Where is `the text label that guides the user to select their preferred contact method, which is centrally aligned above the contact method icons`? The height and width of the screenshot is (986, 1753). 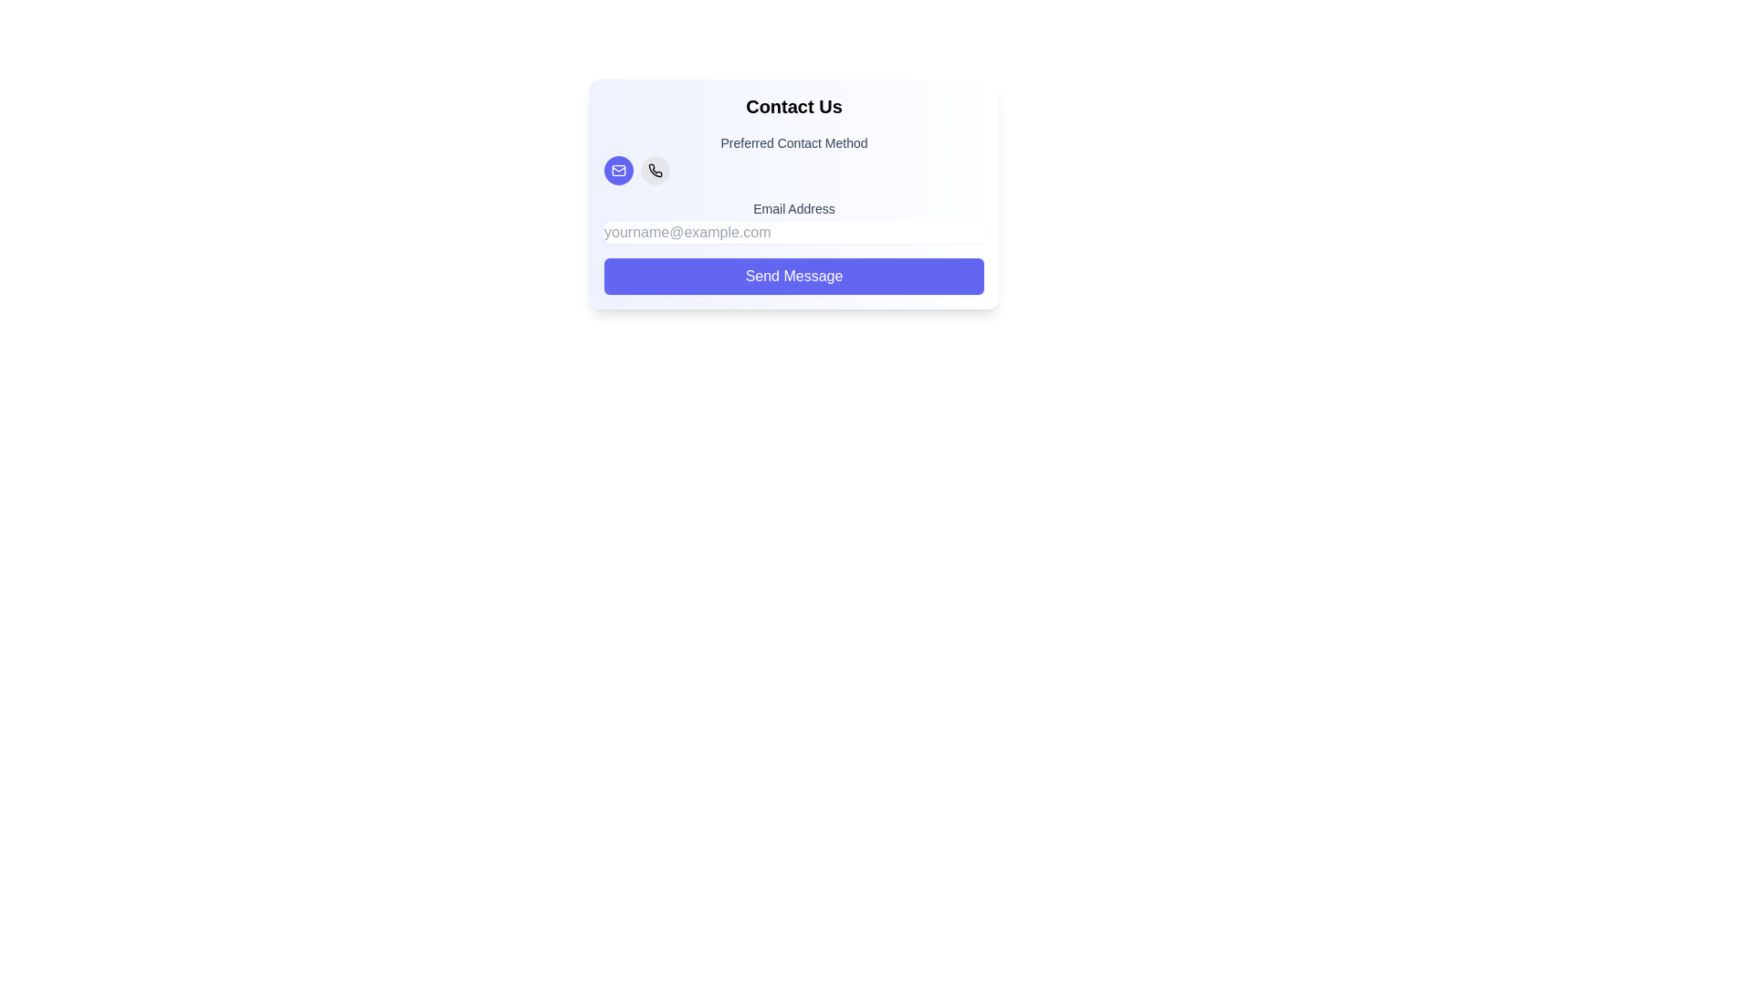
the text label that guides the user to select their preferred contact method, which is centrally aligned above the contact method icons is located at coordinates (793, 142).